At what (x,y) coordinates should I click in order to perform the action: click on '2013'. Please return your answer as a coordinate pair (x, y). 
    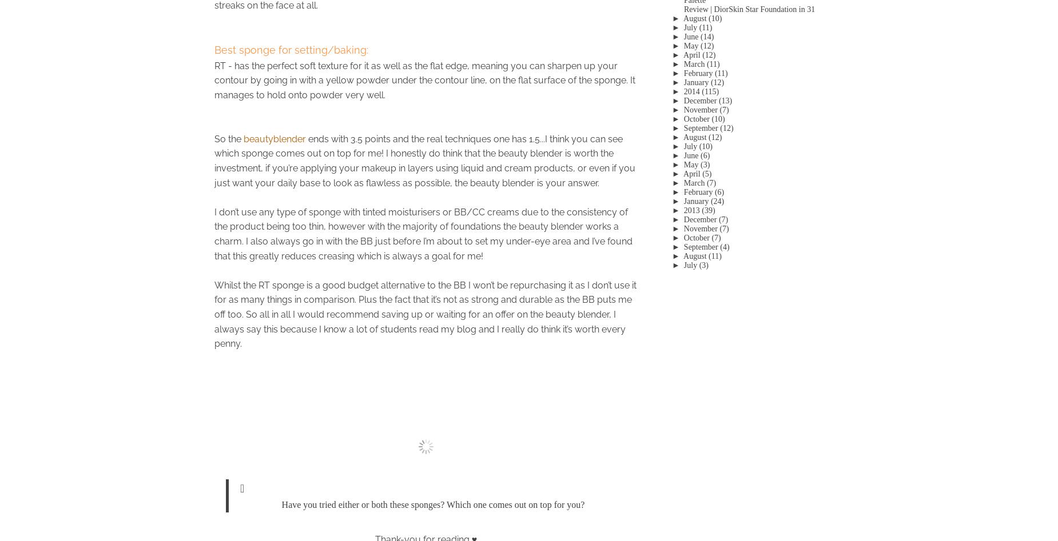
    Looking at the image, I should click on (690, 209).